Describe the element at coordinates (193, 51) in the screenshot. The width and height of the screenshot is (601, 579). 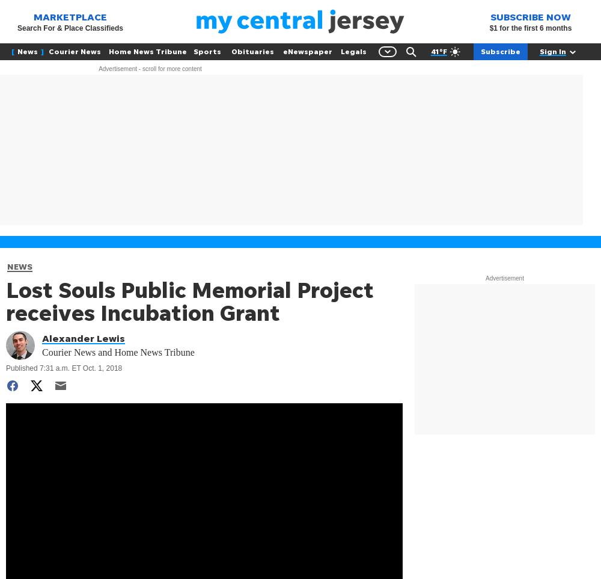
I see `'Sports'` at that location.